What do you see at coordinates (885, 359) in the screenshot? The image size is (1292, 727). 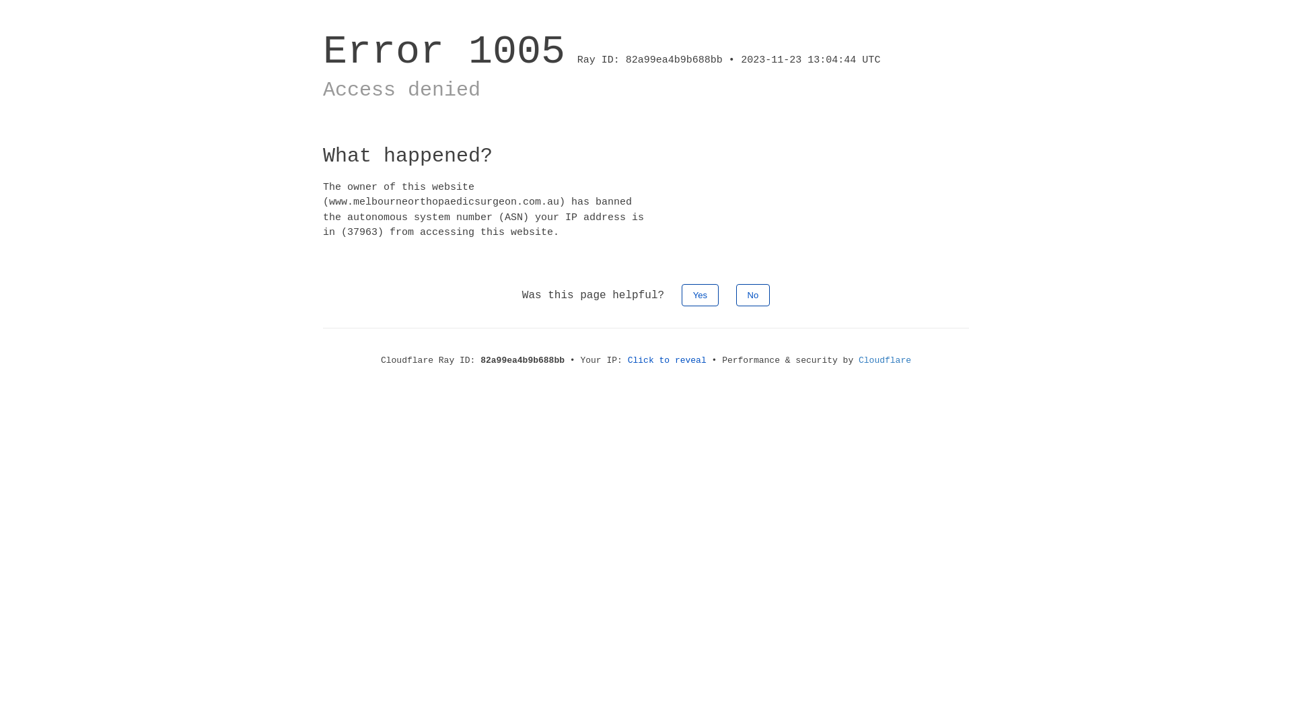 I see `'Cloudflare'` at bounding box center [885, 359].